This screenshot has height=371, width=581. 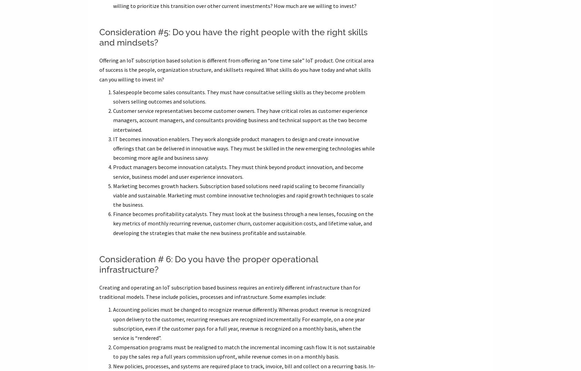 What do you see at coordinates (208, 264) in the screenshot?
I see `'Consideration # 6: Do you have the proper operational infrastructure?'` at bounding box center [208, 264].